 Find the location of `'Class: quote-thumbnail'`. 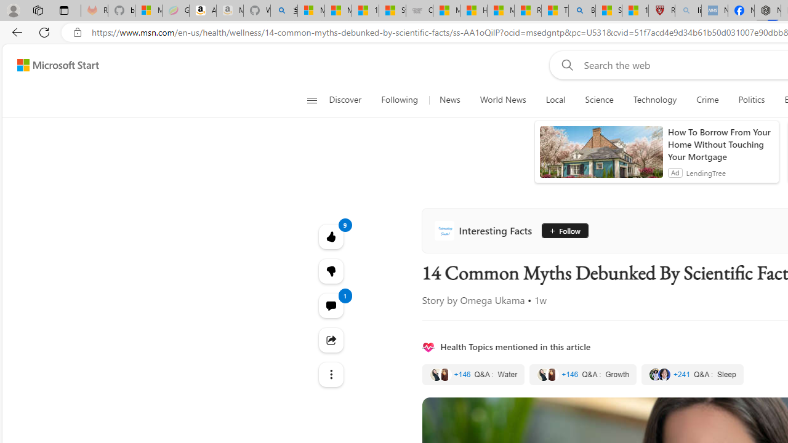

'Class: quote-thumbnail' is located at coordinates (664, 374).